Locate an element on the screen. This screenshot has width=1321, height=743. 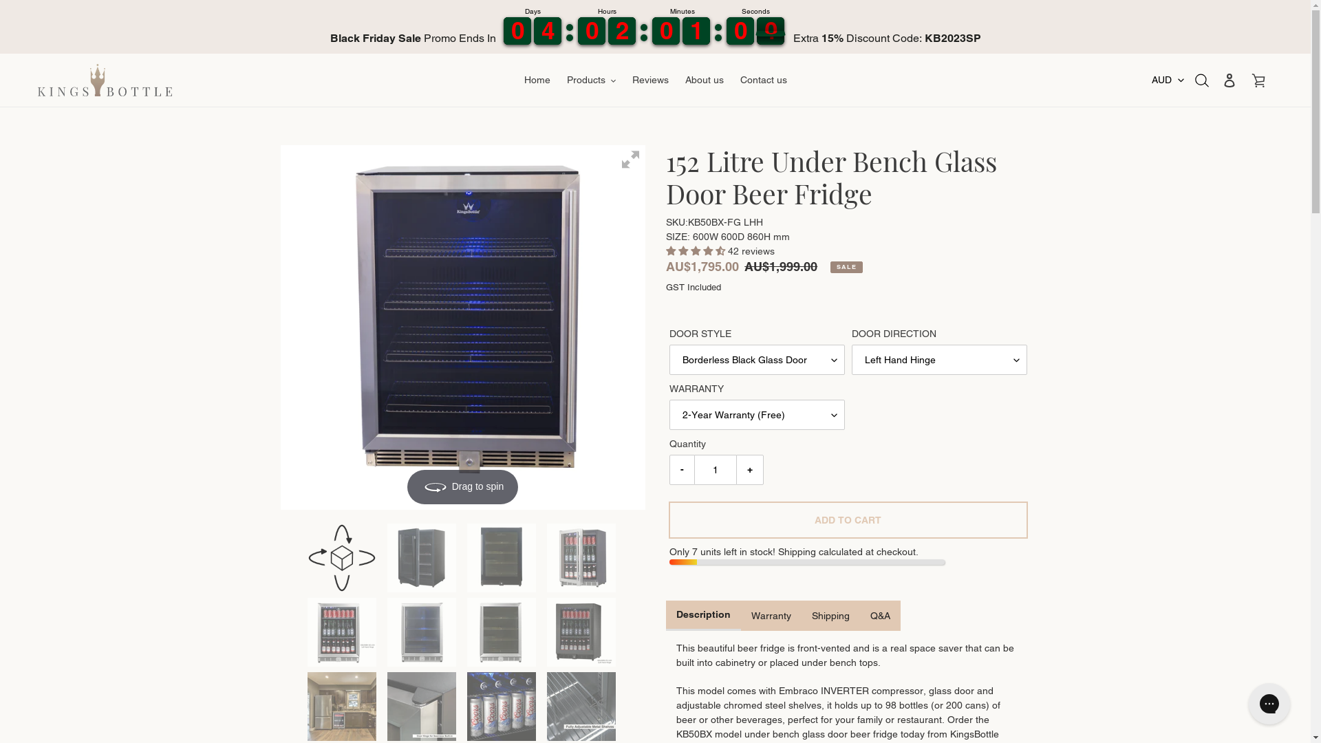
'1' is located at coordinates (739, 31).